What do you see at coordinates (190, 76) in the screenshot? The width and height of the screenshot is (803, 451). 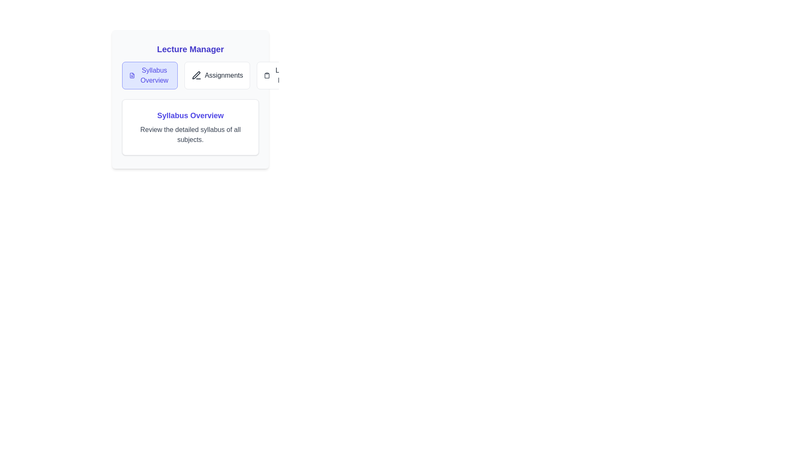 I see `the horizontal button group located centrally below the 'Lecture Manager' header to observe any potential hover effects` at bounding box center [190, 76].